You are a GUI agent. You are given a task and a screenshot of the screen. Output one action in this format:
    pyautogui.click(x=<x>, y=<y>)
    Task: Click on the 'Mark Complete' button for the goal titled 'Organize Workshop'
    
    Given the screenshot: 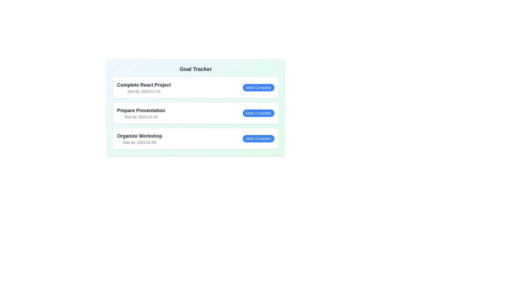 What is the action you would take?
    pyautogui.click(x=258, y=138)
    